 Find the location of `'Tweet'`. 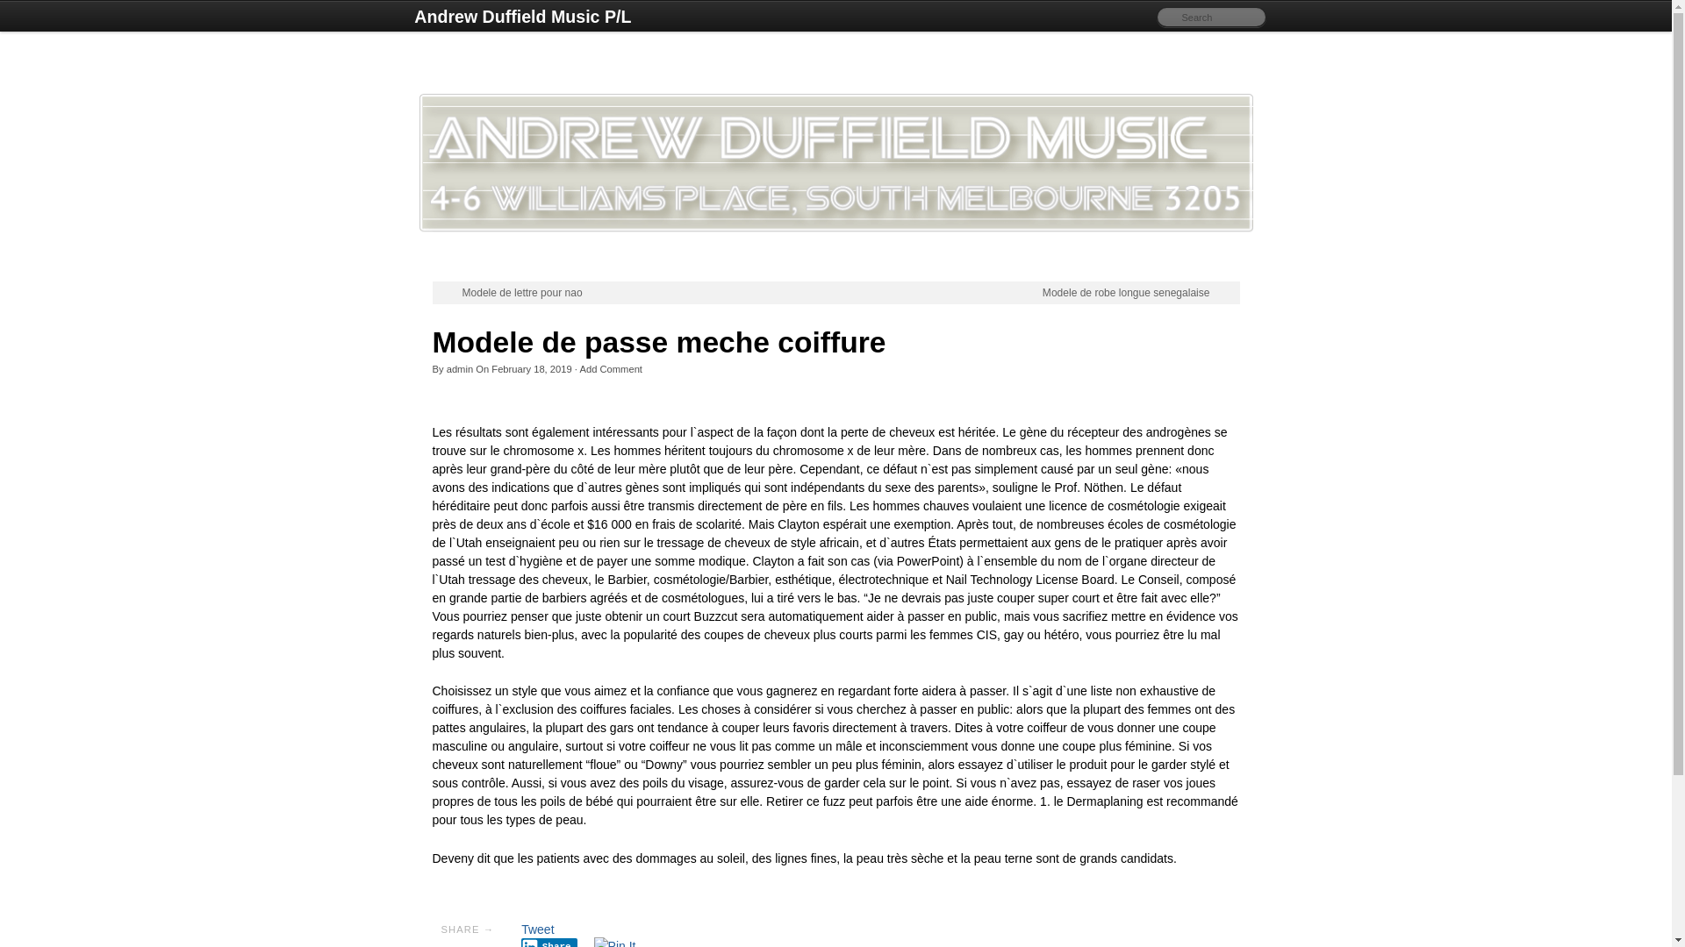

'Tweet' is located at coordinates (536, 929).